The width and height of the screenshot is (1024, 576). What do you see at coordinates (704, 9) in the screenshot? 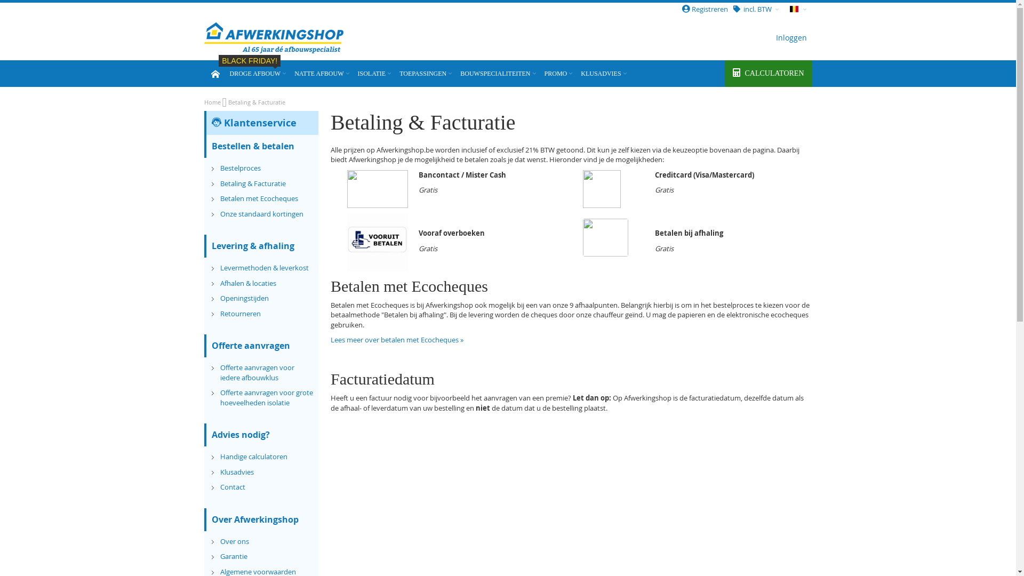
I see `'Registreren'` at bounding box center [704, 9].